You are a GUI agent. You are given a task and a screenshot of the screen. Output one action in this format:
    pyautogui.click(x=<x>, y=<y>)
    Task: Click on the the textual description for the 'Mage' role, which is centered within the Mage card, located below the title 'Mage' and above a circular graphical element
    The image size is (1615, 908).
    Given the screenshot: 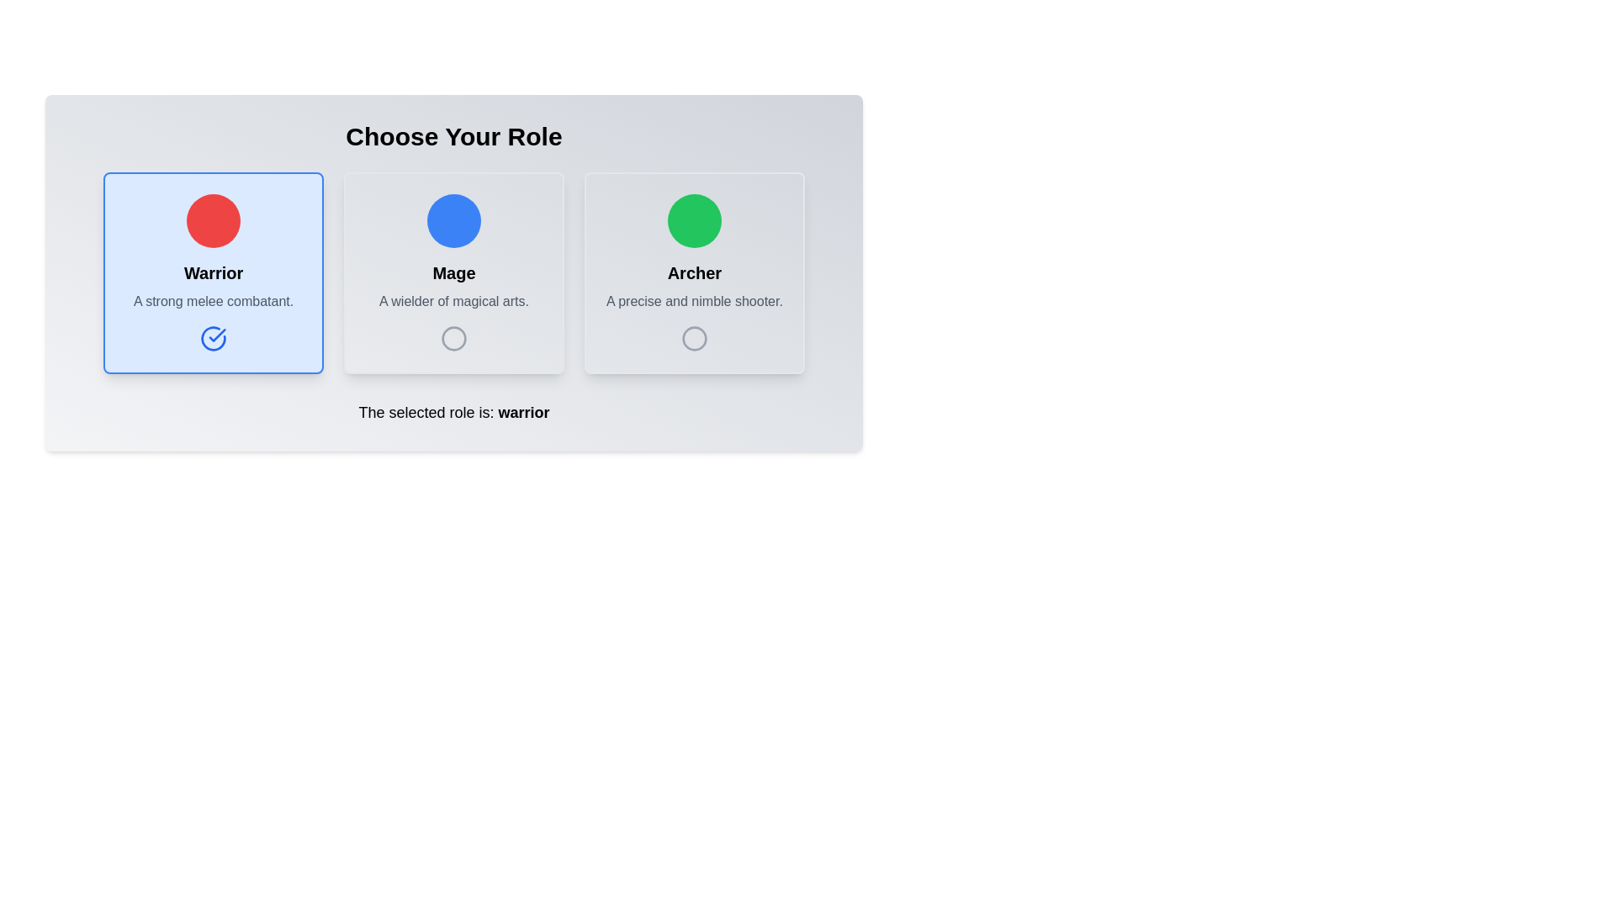 What is the action you would take?
    pyautogui.click(x=453, y=300)
    